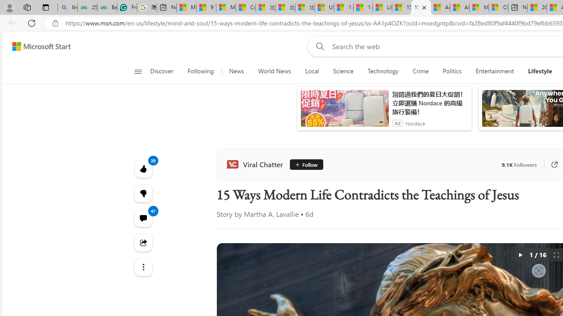  Describe the element at coordinates (27, 7) in the screenshot. I see `'Workspaces'` at that location.